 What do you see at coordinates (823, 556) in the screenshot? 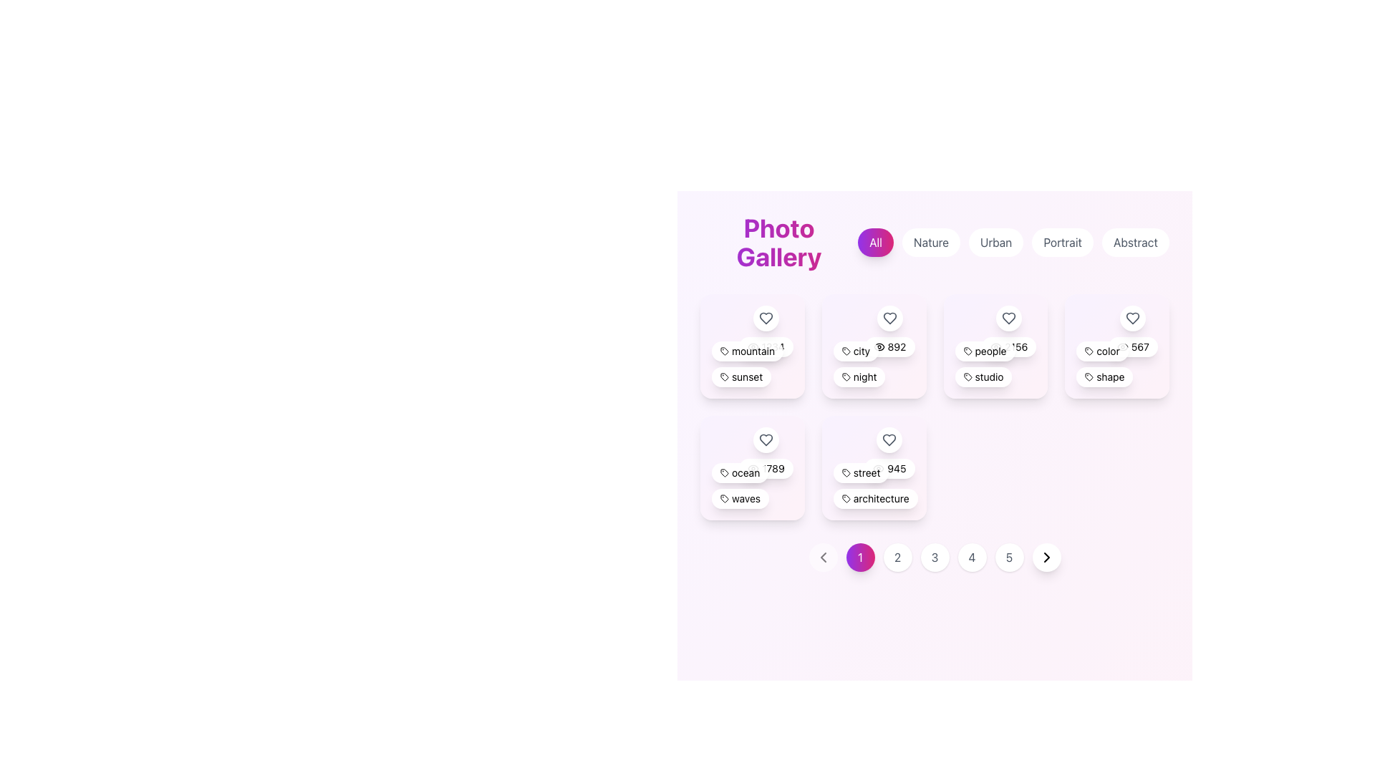
I see `the circular button with a leftward-pointing chevron icon to observe the hover effect` at bounding box center [823, 556].